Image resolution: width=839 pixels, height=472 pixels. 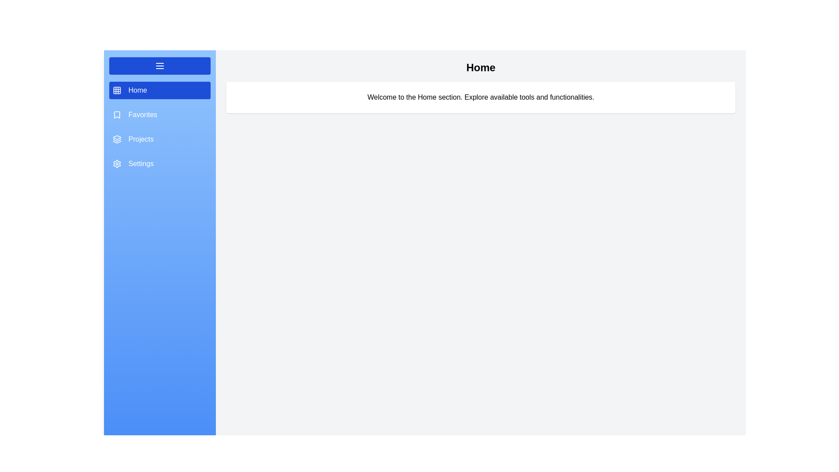 What do you see at coordinates (159, 65) in the screenshot?
I see `toggle button to change the drawer's state` at bounding box center [159, 65].